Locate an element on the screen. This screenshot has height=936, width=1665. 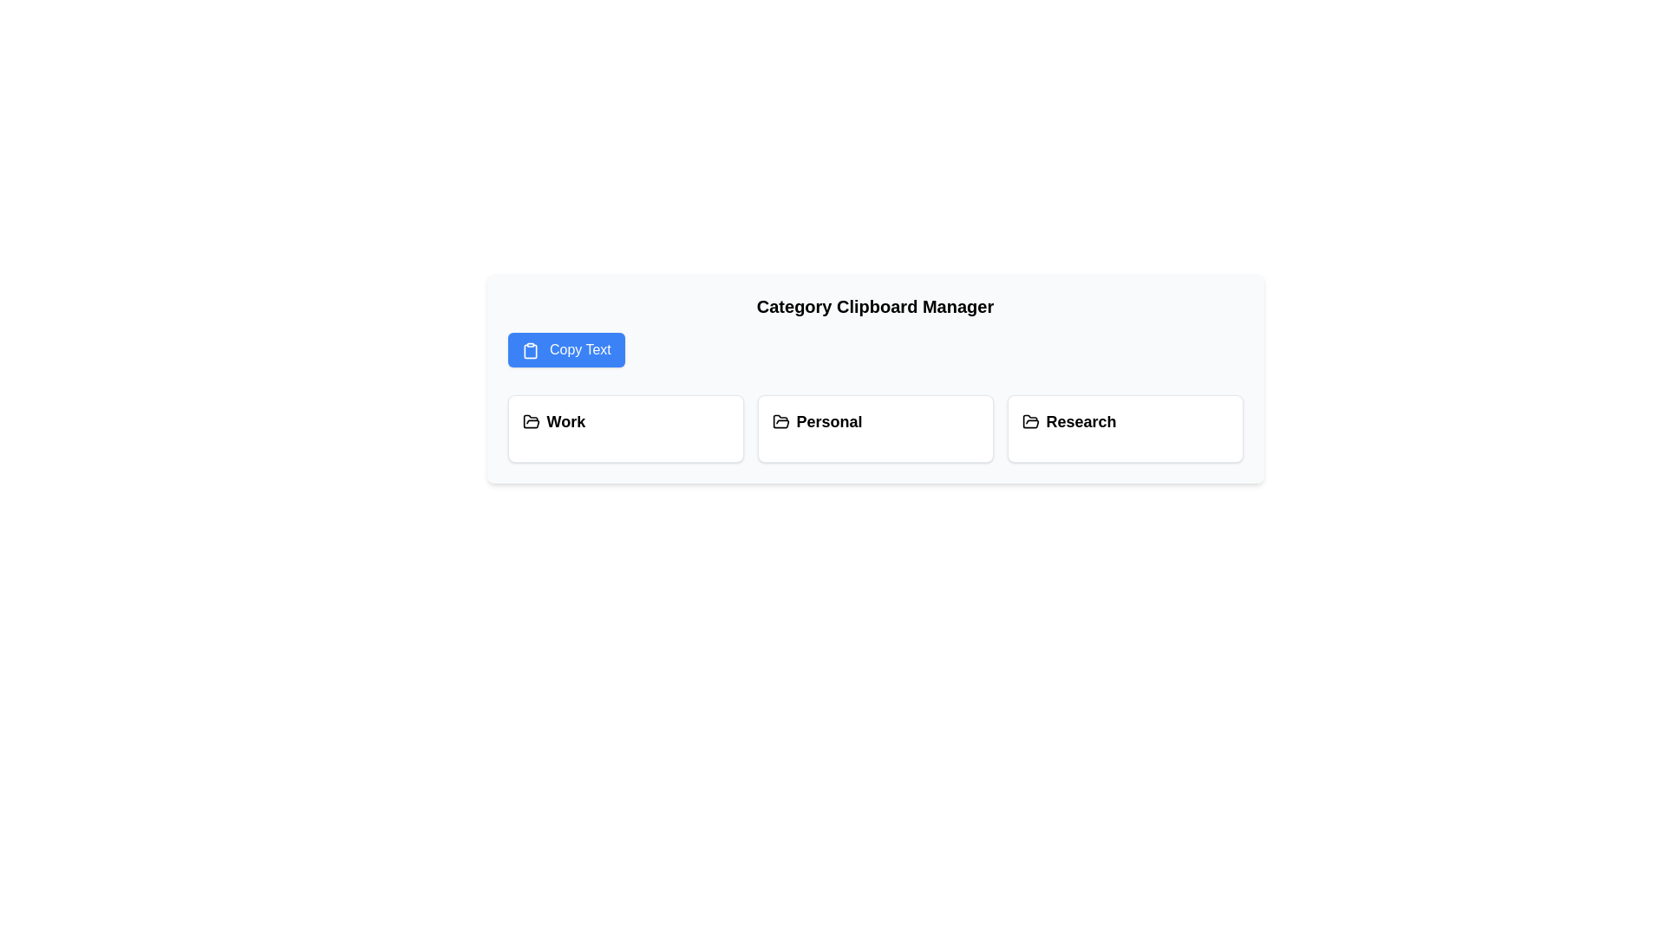
the 'Work' category card, which is the first card in a horizontal sequence of three cards in a grid layout is located at coordinates (624, 428).